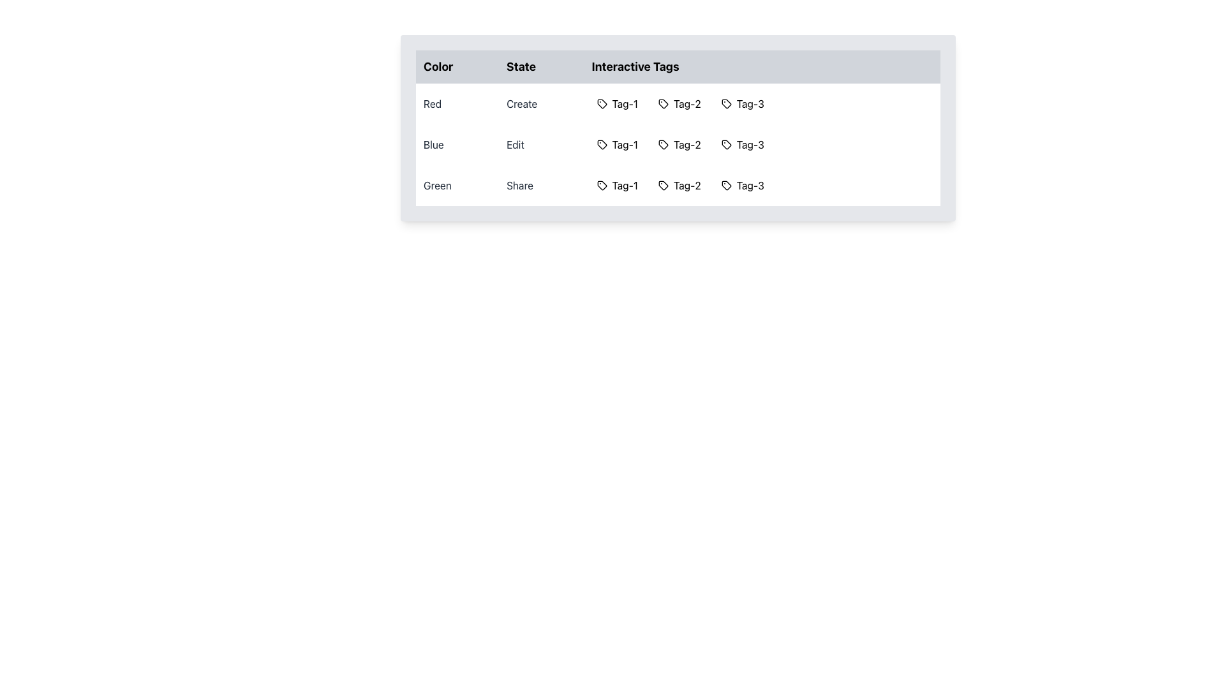 The width and height of the screenshot is (1225, 689). Describe the element at coordinates (664, 144) in the screenshot. I see `the black outlined tag icon located in the 'Blue' row and 'Tag-2' column of the table, which is the second icon in the 'Interactive Tags' column` at that location.